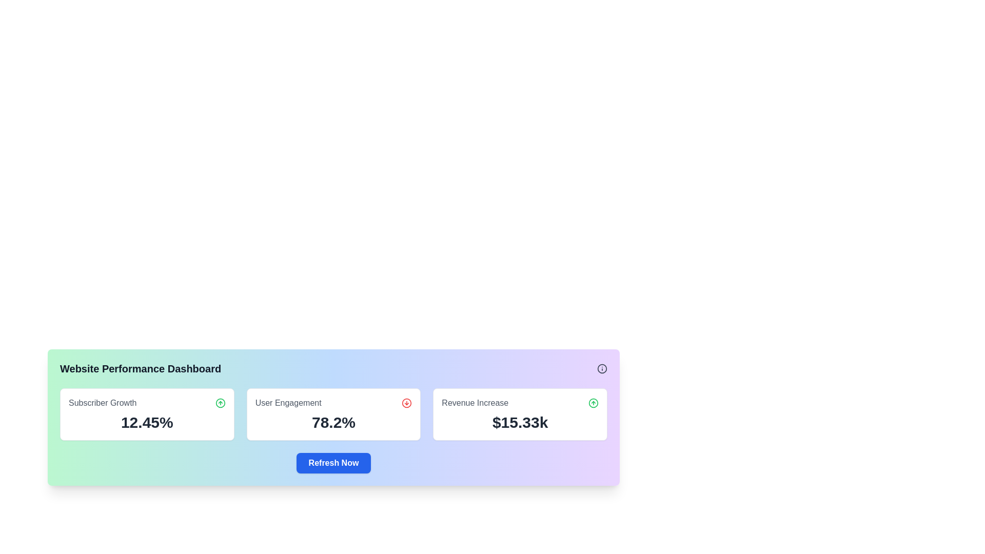 The image size is (985, 554). Describe the element at coordinates (146, 413) in the screenshot. I see `the Summary Card that displays the current subscriber growth percentage` at that location.